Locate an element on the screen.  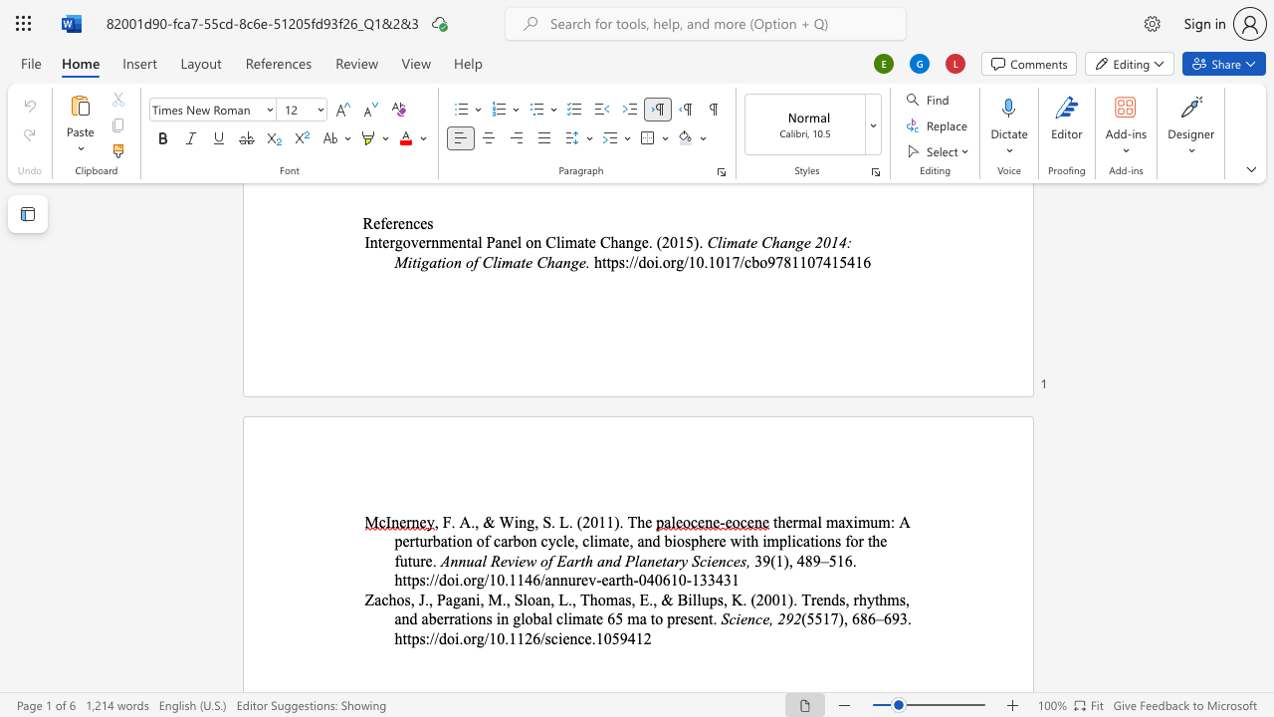
the 3th character "e" in the text is located at coordinates (722, 541).